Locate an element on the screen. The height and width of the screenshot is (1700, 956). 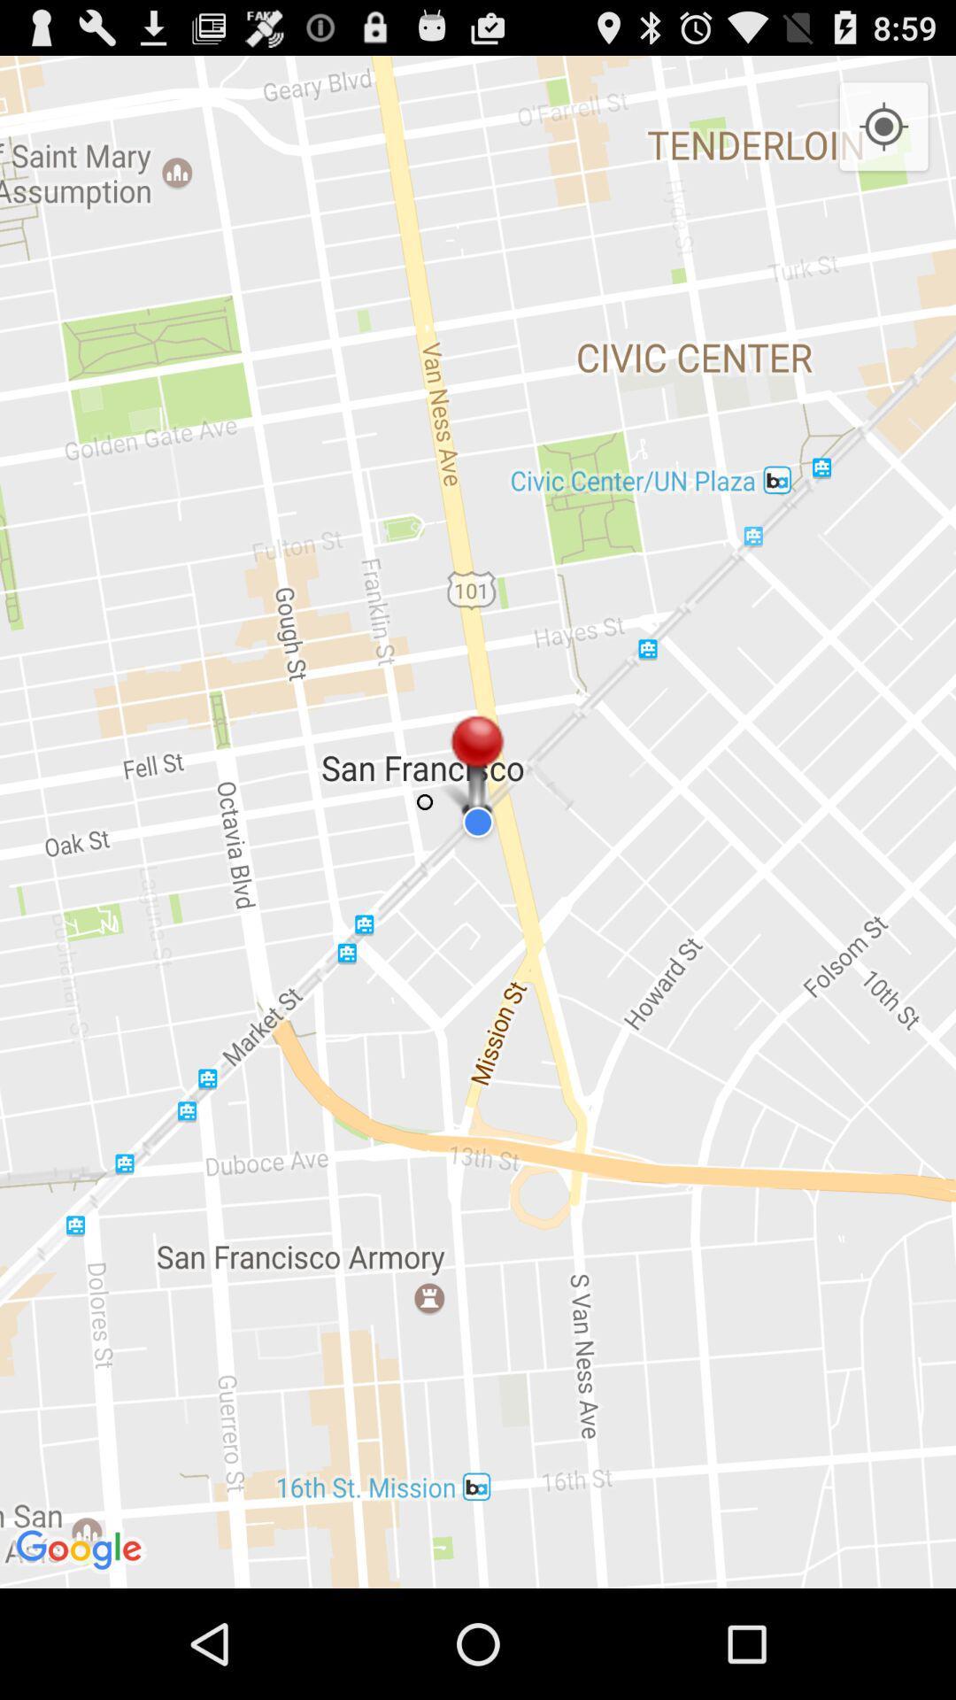
the item at the top right corner is located at coordinates (883, 127).